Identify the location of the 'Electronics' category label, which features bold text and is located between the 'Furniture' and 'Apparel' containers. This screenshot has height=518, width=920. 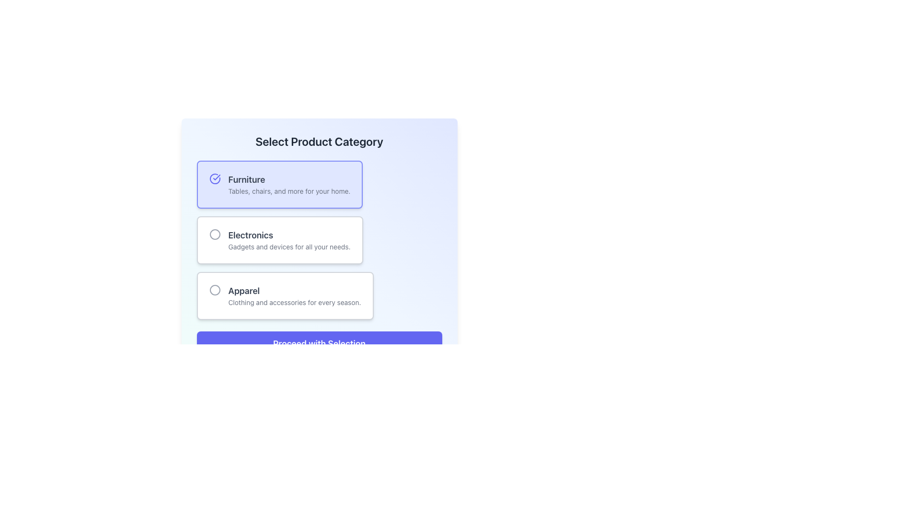
(289, 240).